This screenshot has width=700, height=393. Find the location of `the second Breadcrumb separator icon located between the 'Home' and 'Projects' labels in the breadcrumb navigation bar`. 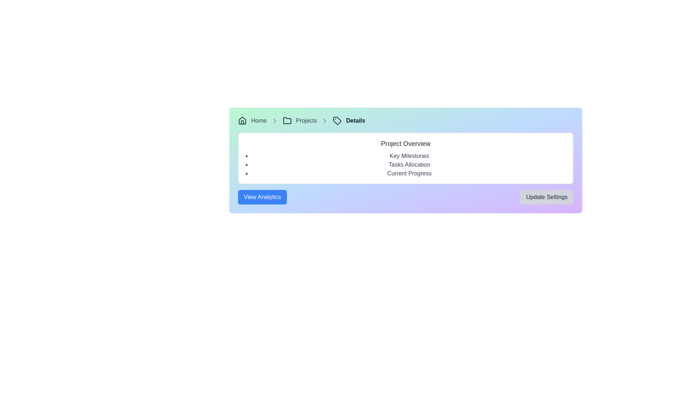

the second Breadcrumb separator icon located between the 'Home' and 'Projects' labels in the breadcrumb navigation bar is located at coordinates (274, 120).